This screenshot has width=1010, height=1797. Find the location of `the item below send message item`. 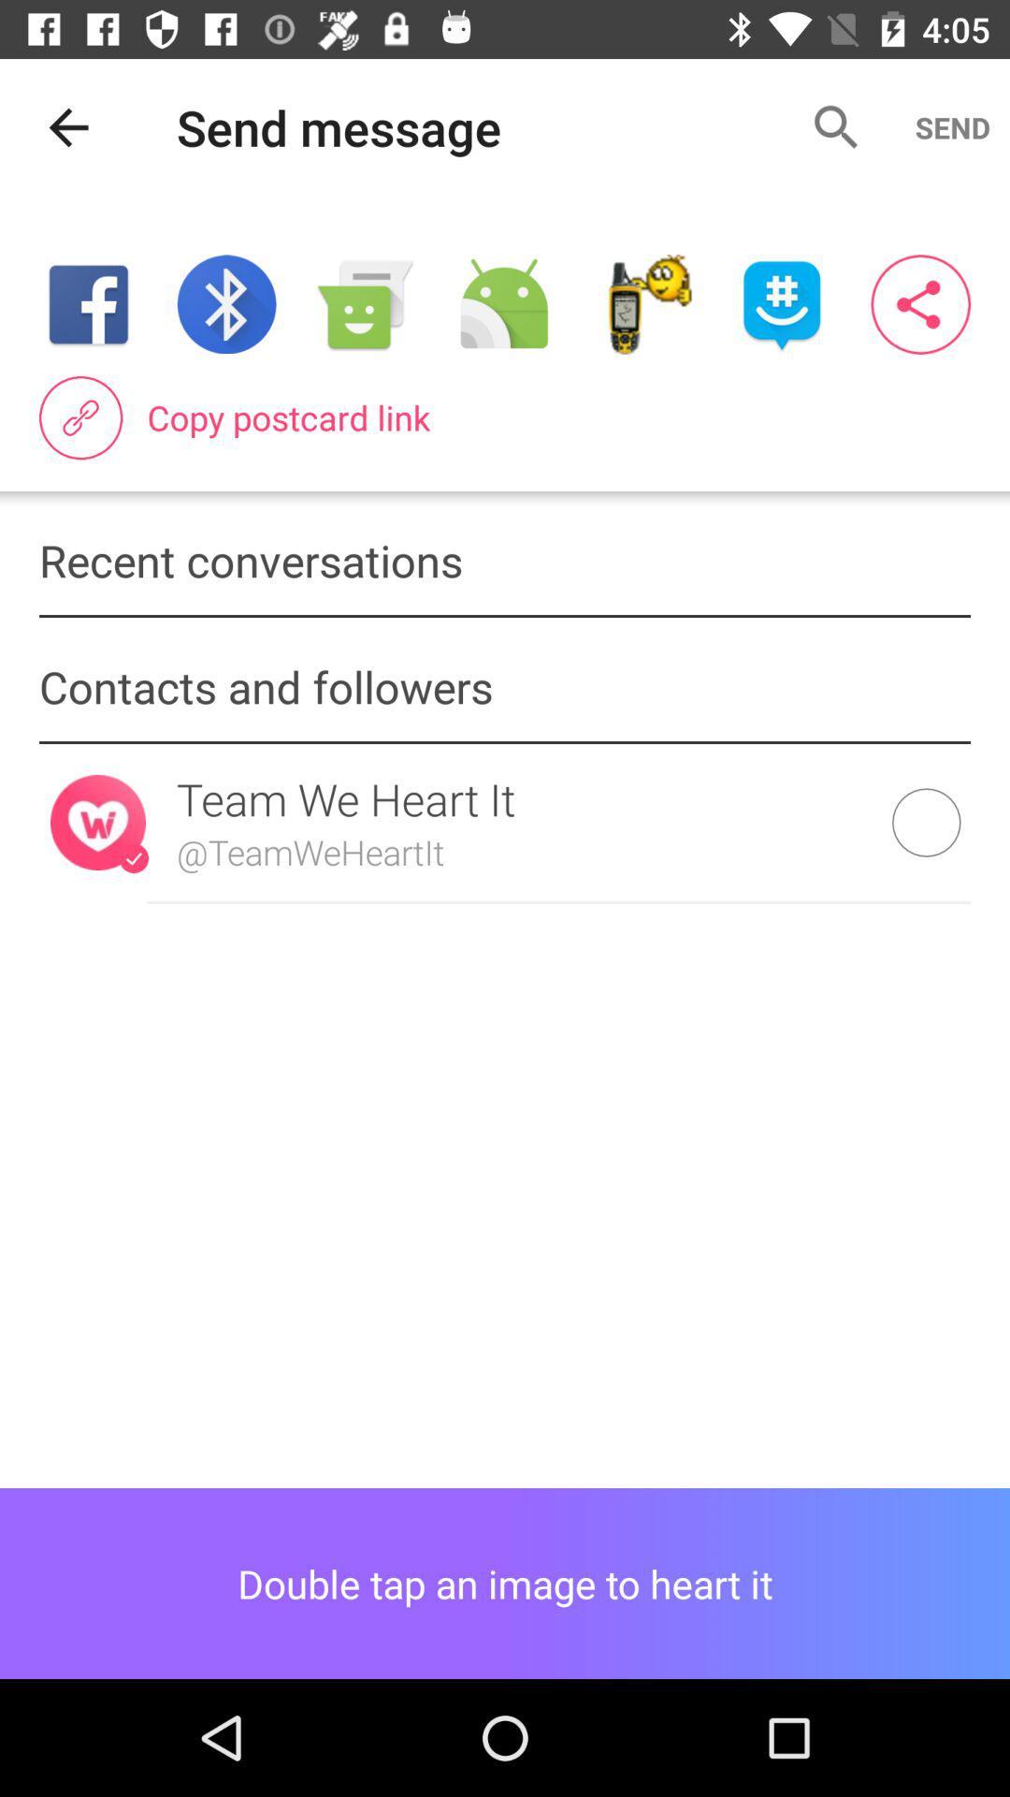

the item below send message item is located at coordinates (225, 304).